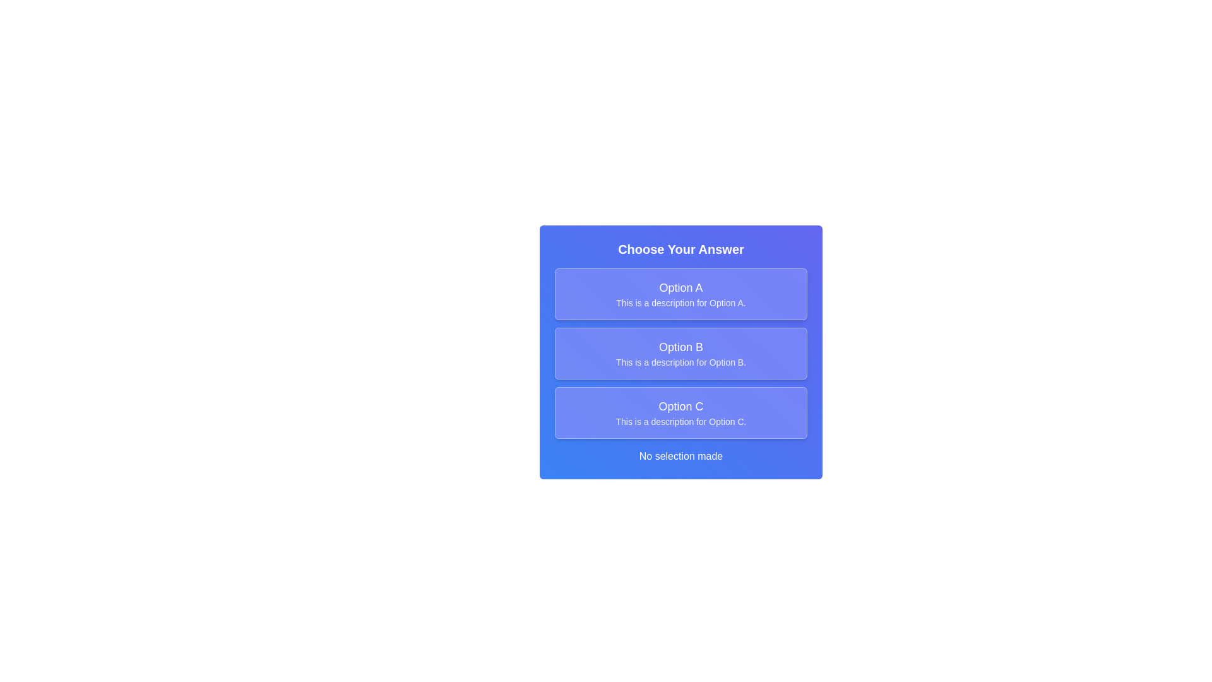 This screenshot has height=682, width=1212. What do you see at coordinates (680, 287) in the screenshot?
I see `the text label that serves as the title for the first selectable option in the list, which is positioned above the description text for 'Option A'` at bounding box center [680, 287].